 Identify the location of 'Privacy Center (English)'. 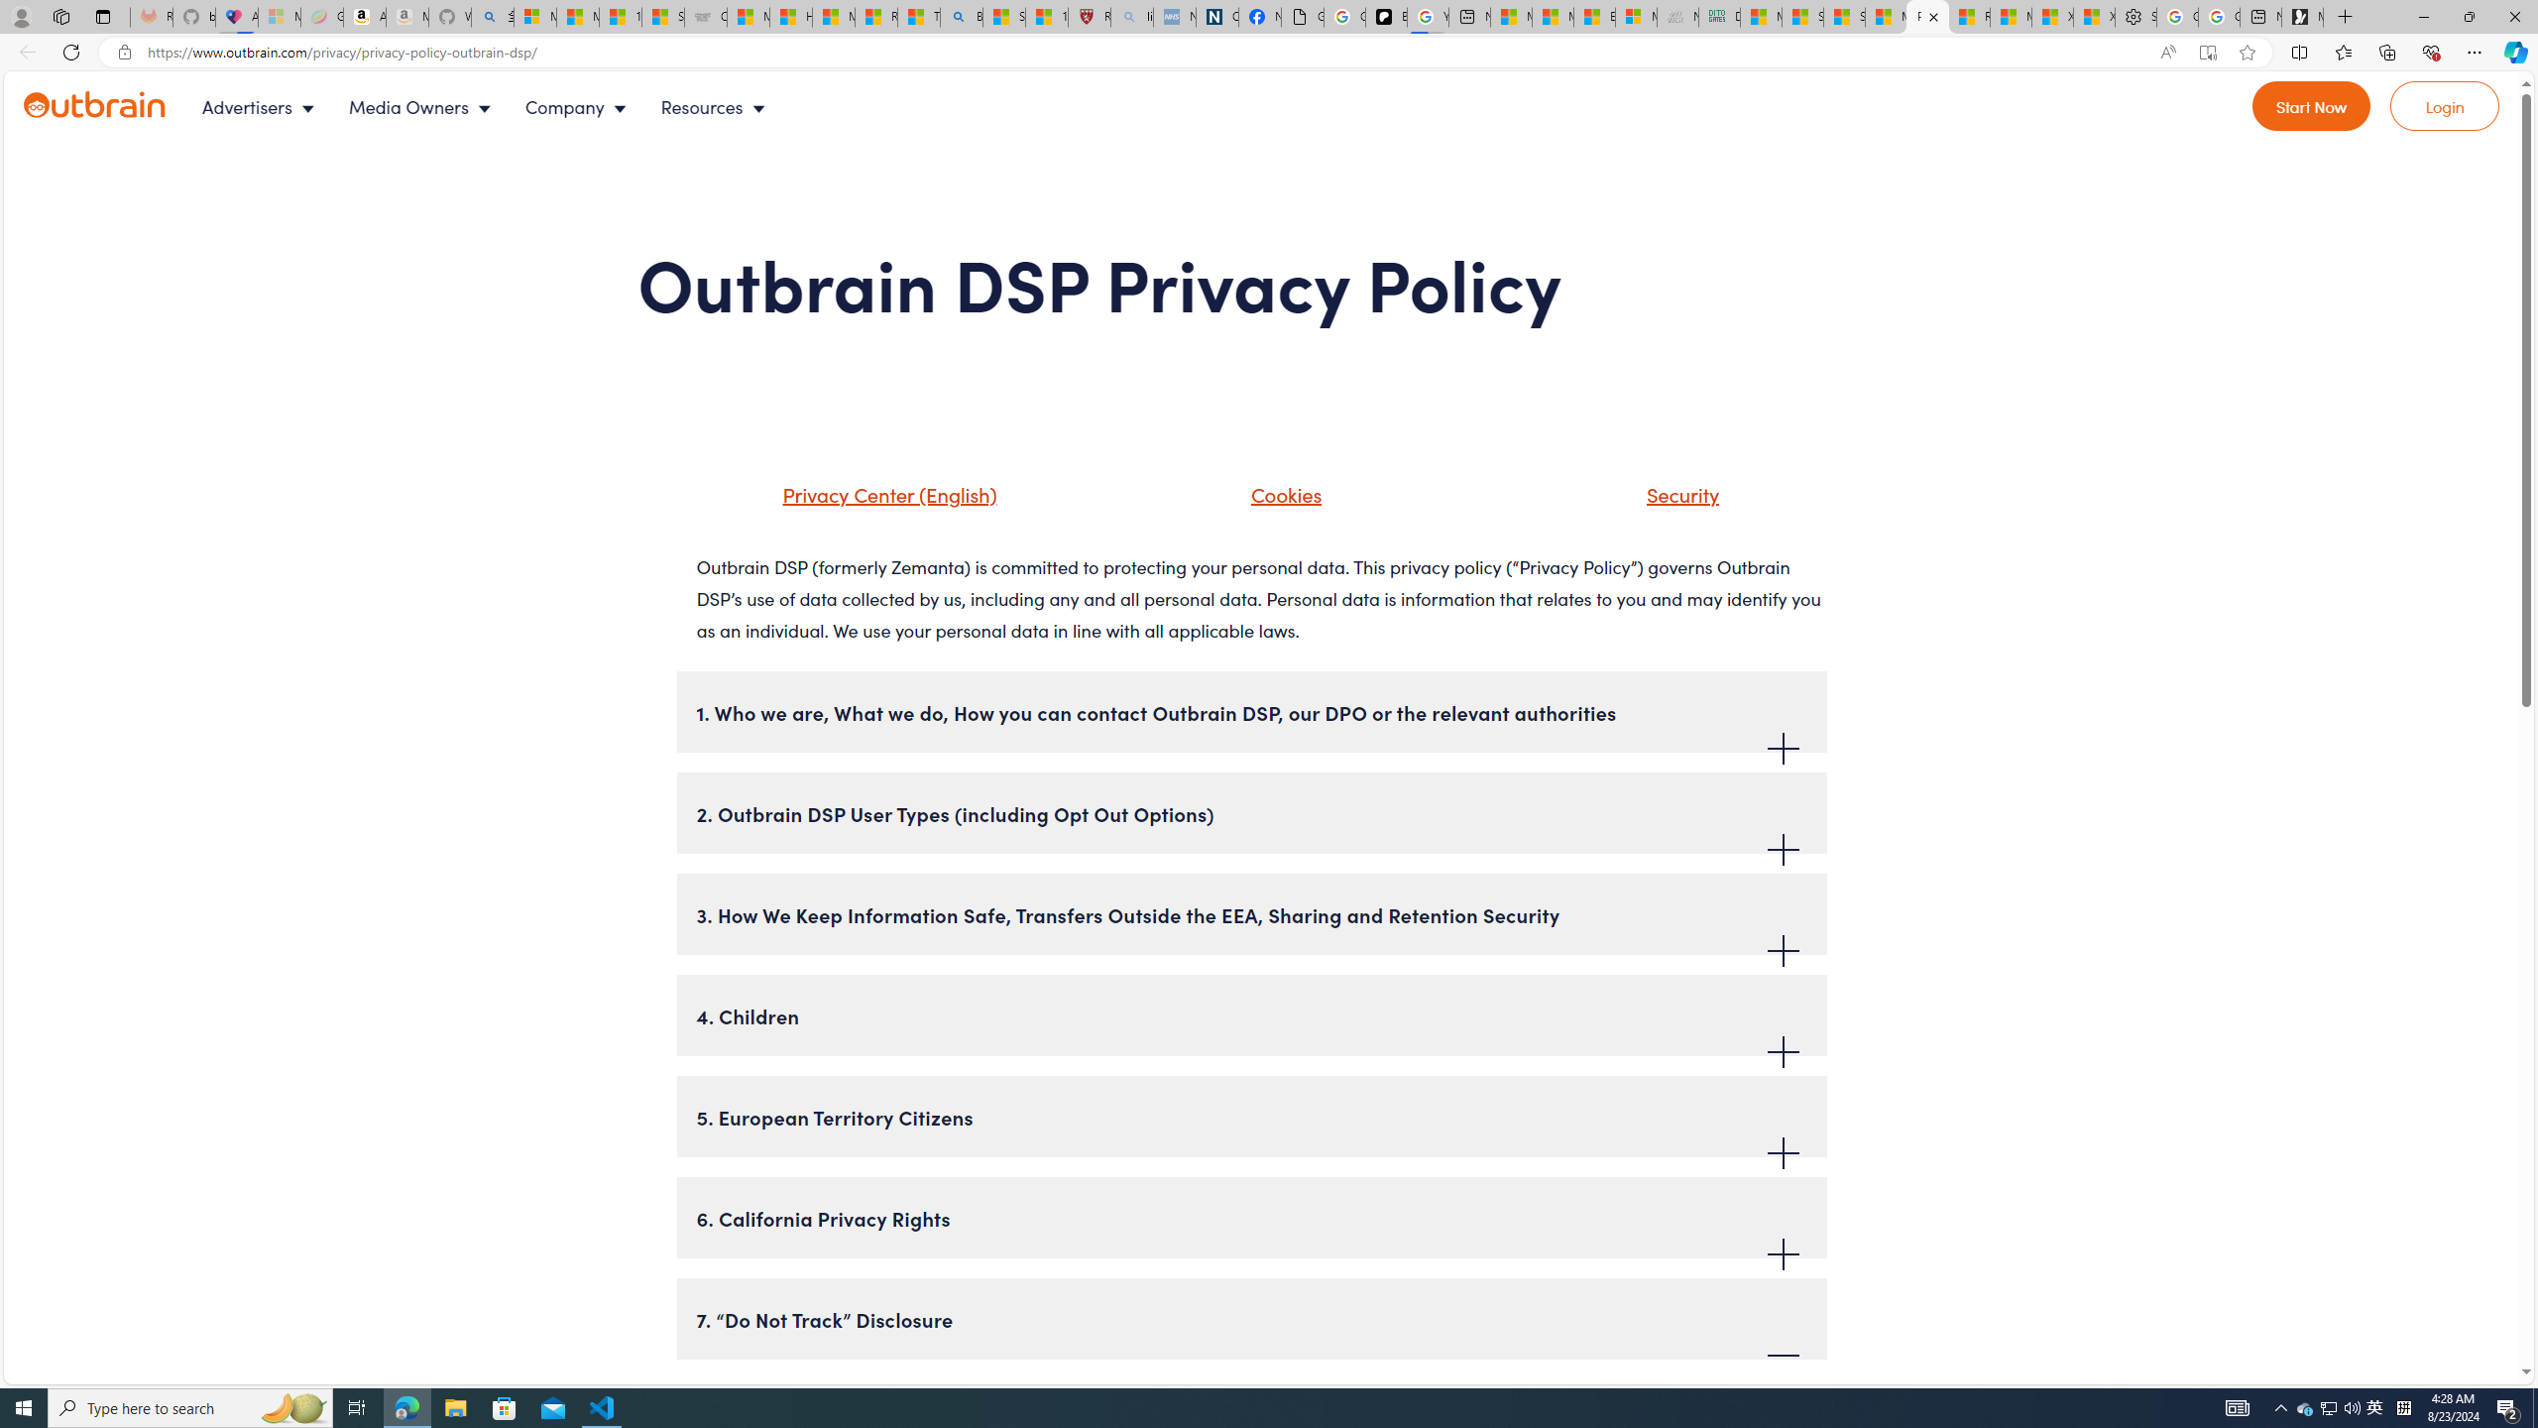
(864, 501).